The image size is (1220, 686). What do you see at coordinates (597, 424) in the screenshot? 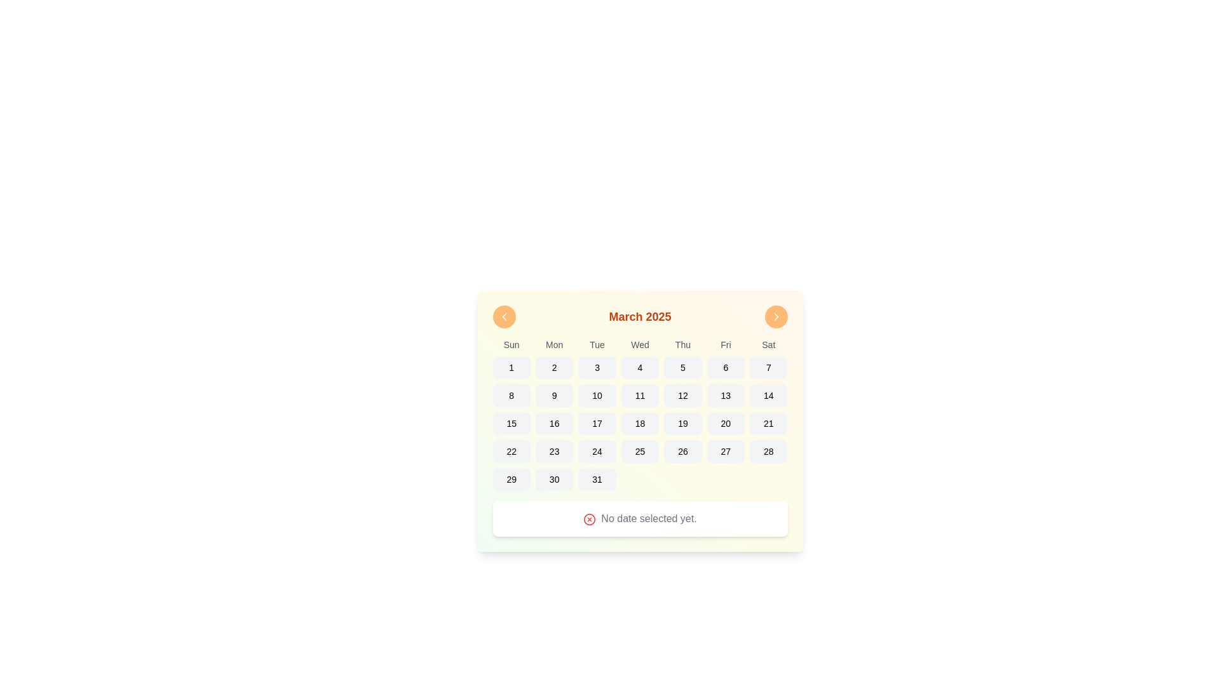
I see `the button representing Tuesday, March 17, 2025 in the calendar to change its background color` at bounding box center [597, 424].